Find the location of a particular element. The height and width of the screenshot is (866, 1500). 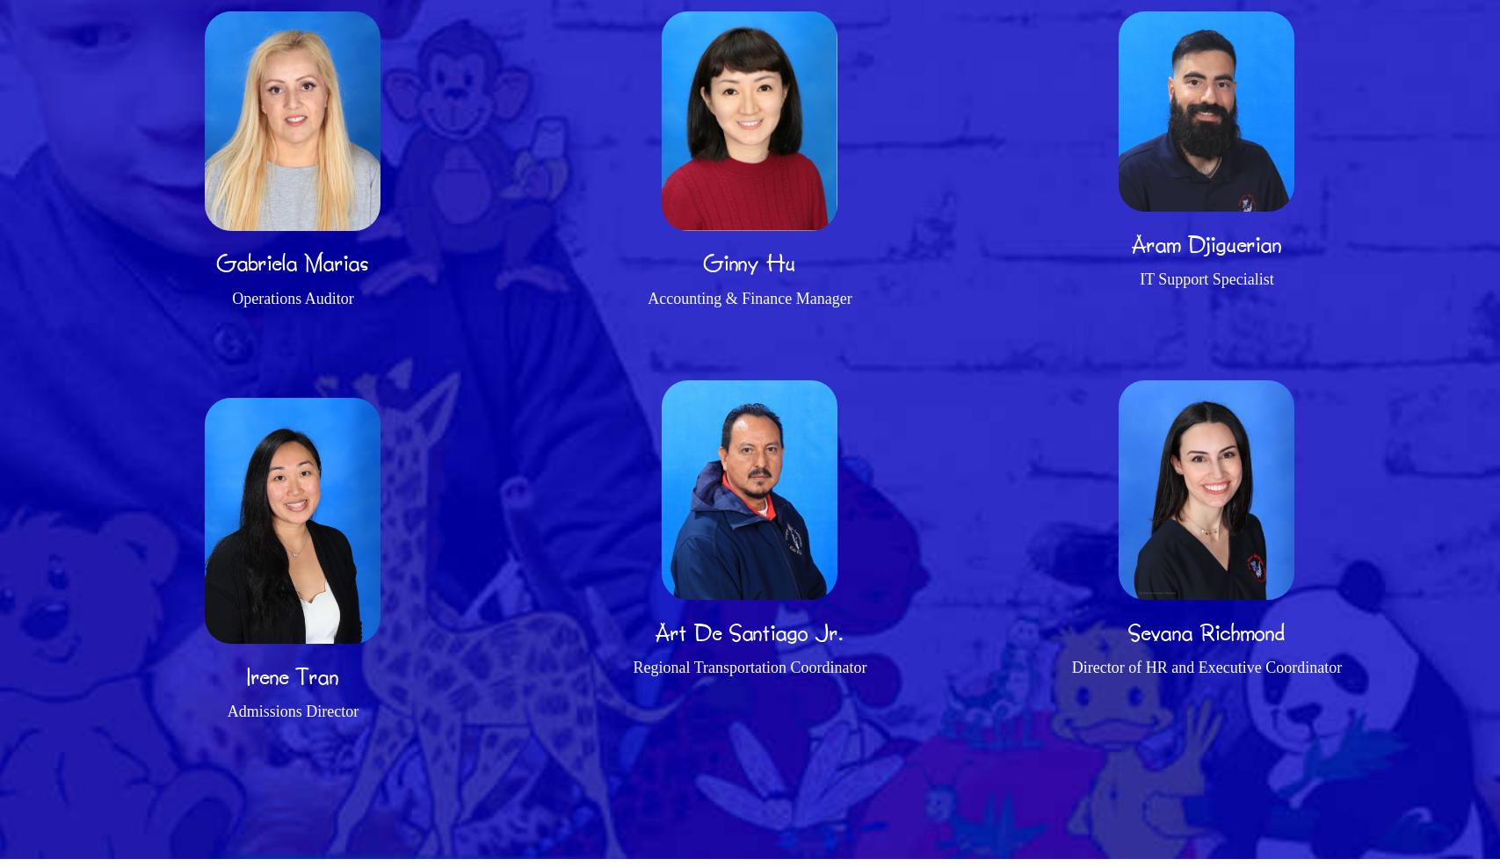

'Ginny Hu' is located at coordinates (749, 262).